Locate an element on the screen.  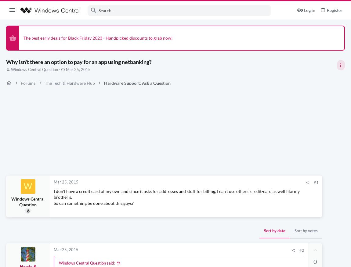
'Hardware Support: Ask a Question' is located at coordinates (137, 82).